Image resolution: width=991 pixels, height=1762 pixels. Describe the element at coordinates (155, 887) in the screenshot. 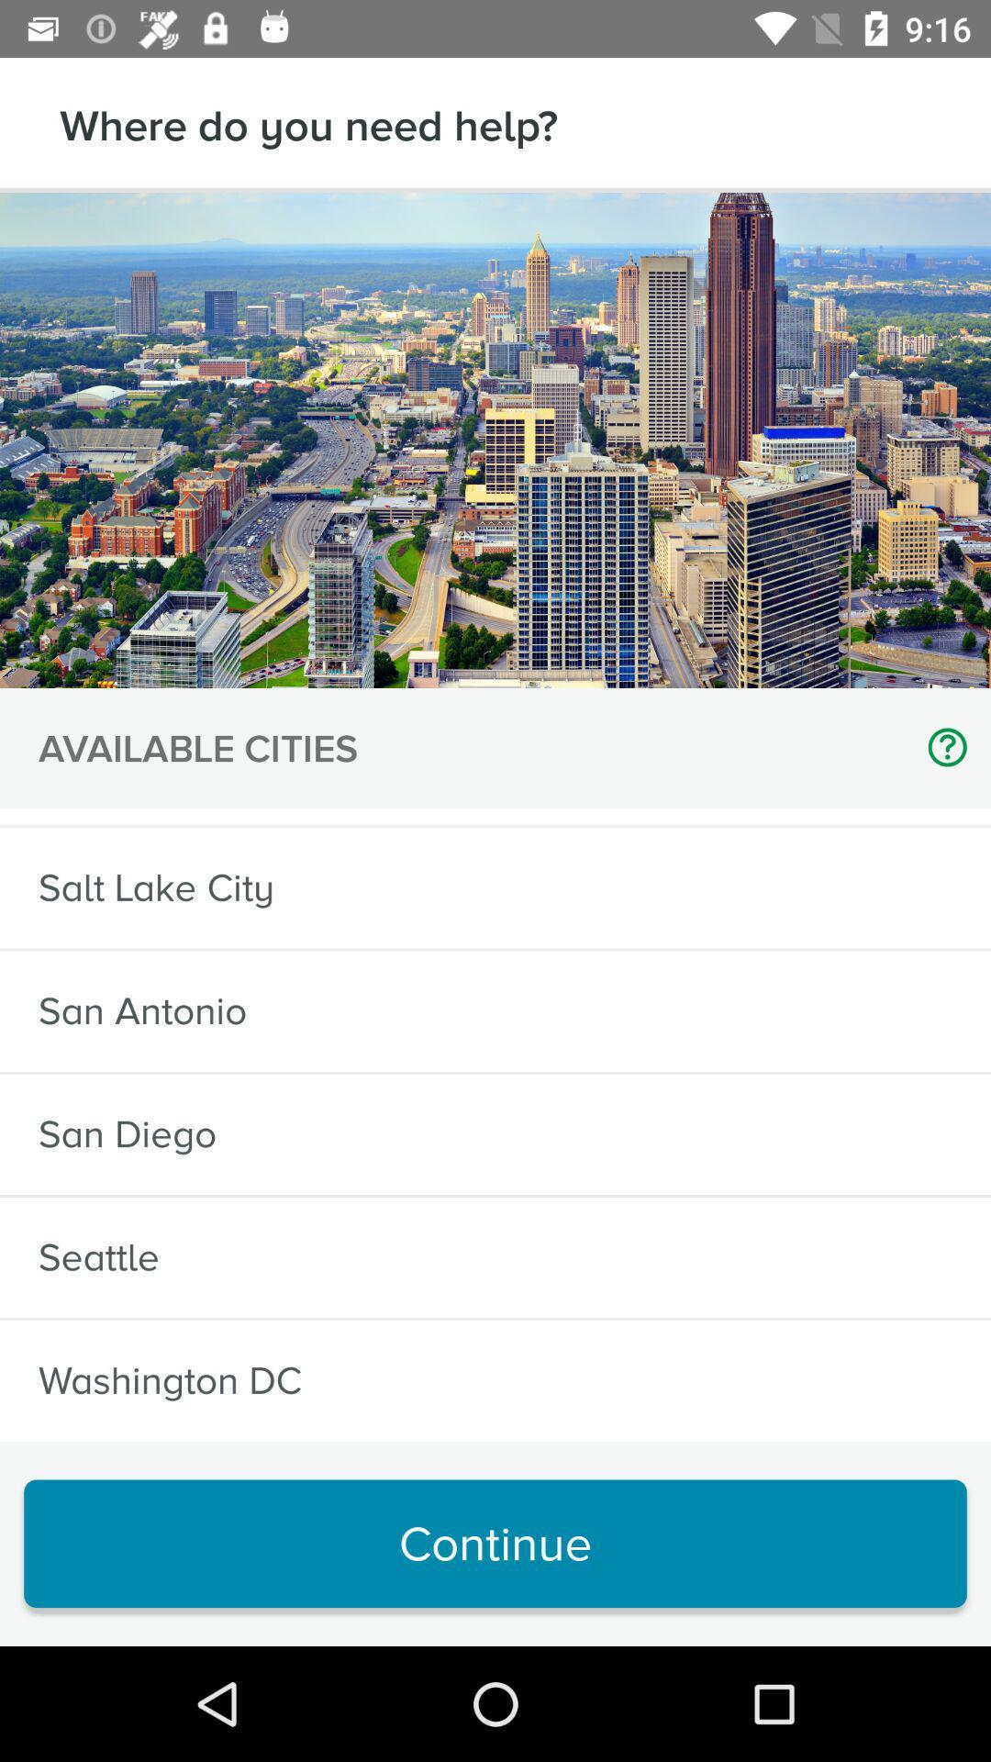

I see `item above the san antonio item` at that location.